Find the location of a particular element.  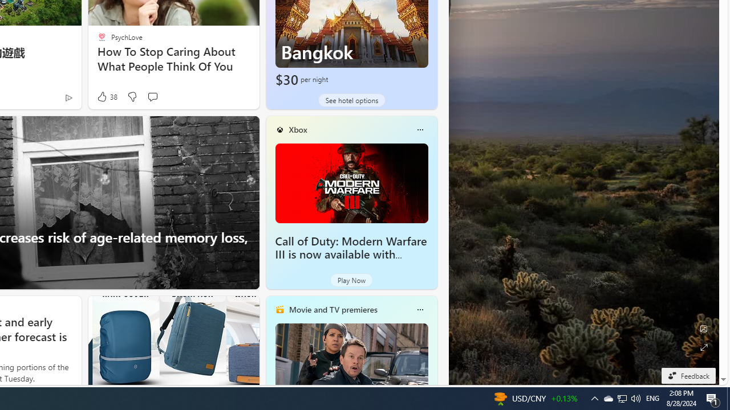

'Class: icon-img' is located at coordinates (419, 309).